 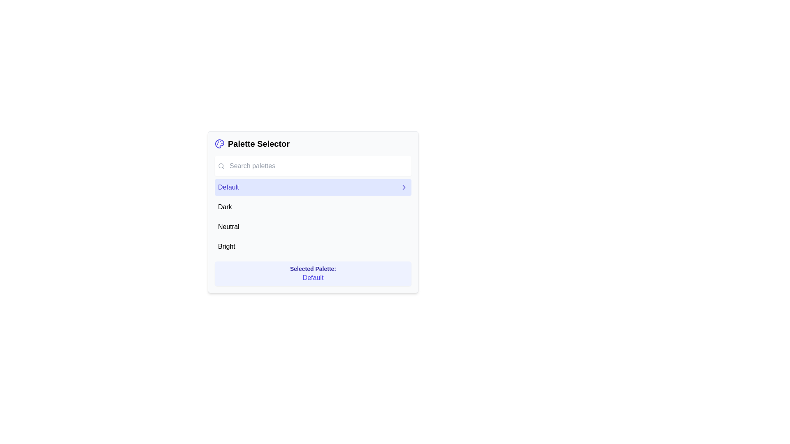 I want to click on the main body of the palette icon, so click(x=219, y=143).